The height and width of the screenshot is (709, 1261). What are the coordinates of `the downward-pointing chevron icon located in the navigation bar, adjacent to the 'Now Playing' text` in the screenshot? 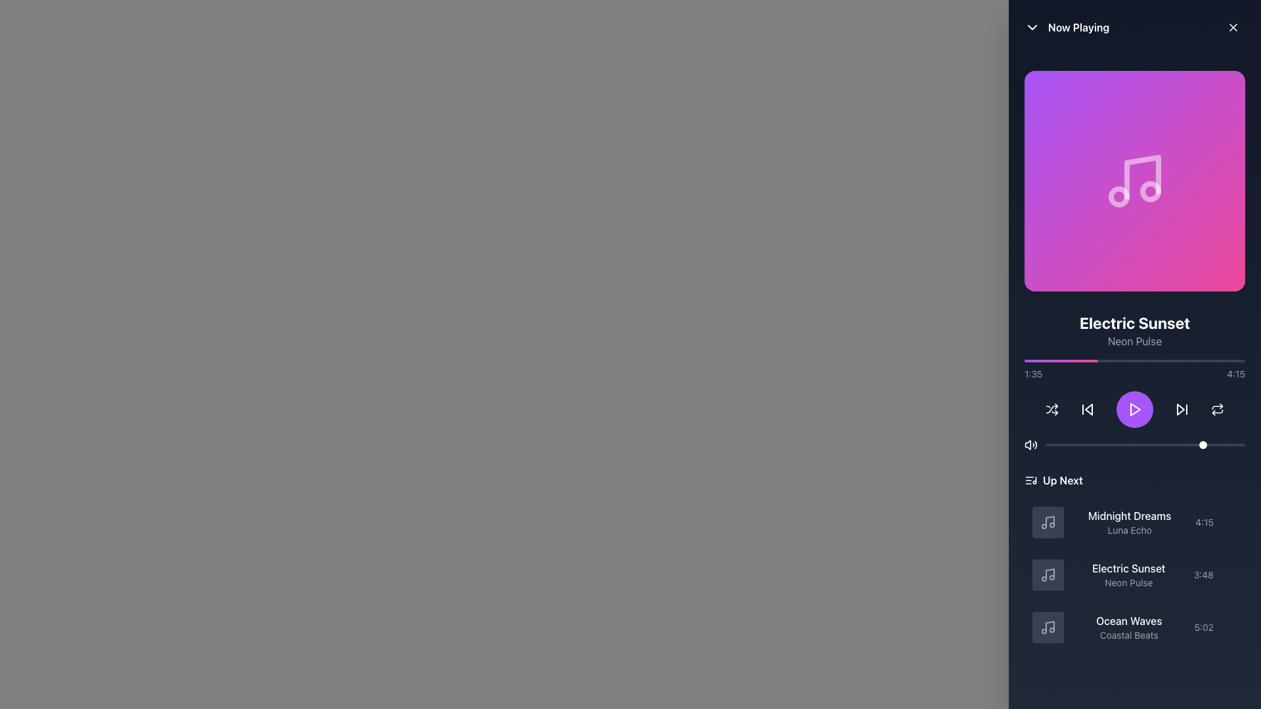 It's located at (1031, 28).